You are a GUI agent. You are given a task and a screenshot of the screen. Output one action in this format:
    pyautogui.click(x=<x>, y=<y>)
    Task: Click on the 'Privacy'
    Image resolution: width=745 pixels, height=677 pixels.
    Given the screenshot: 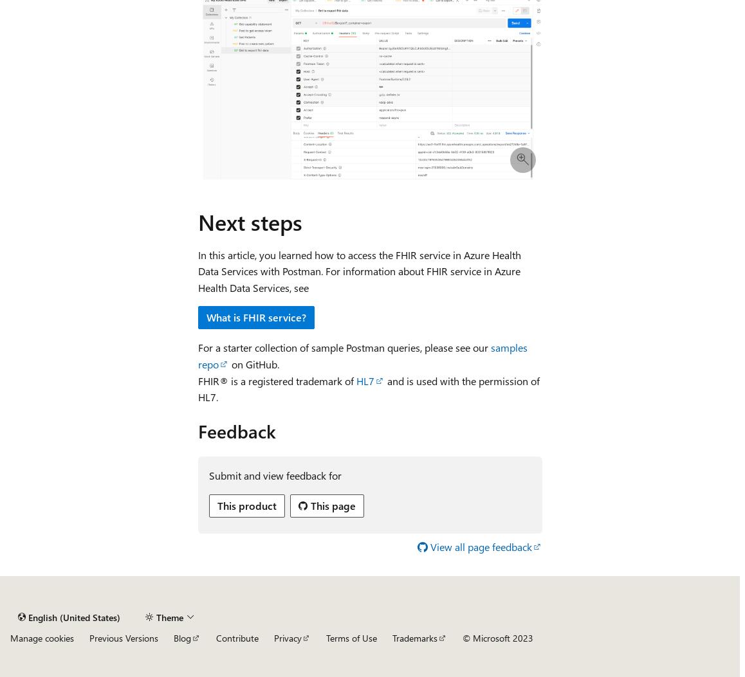 What is the action you would take?
    pyautogui.click(x=287, y=638)
    